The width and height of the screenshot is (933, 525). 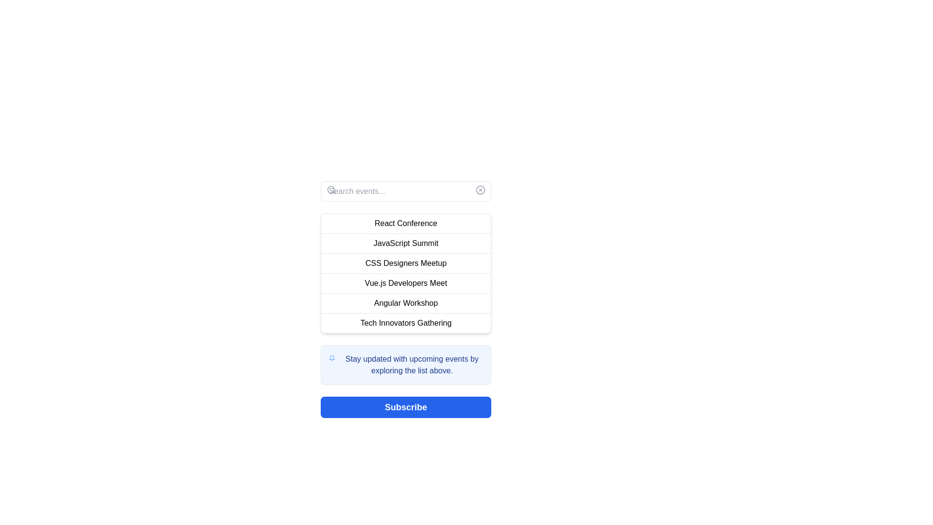 What do you see at coordinates (480, 190) in the screenshot?
I see `the circular close button with an 'X' mark located at the top-right corner of the search input field to clear the search bar` at bounding box center [480, 190].